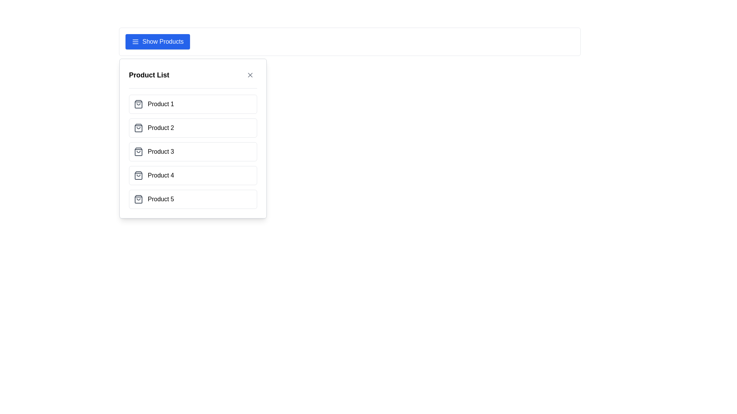  What do you see at coordinates (193, 199) in the screenshot?
I see `the fifth item in the 'Product List'` at bounding box center [193, 199].